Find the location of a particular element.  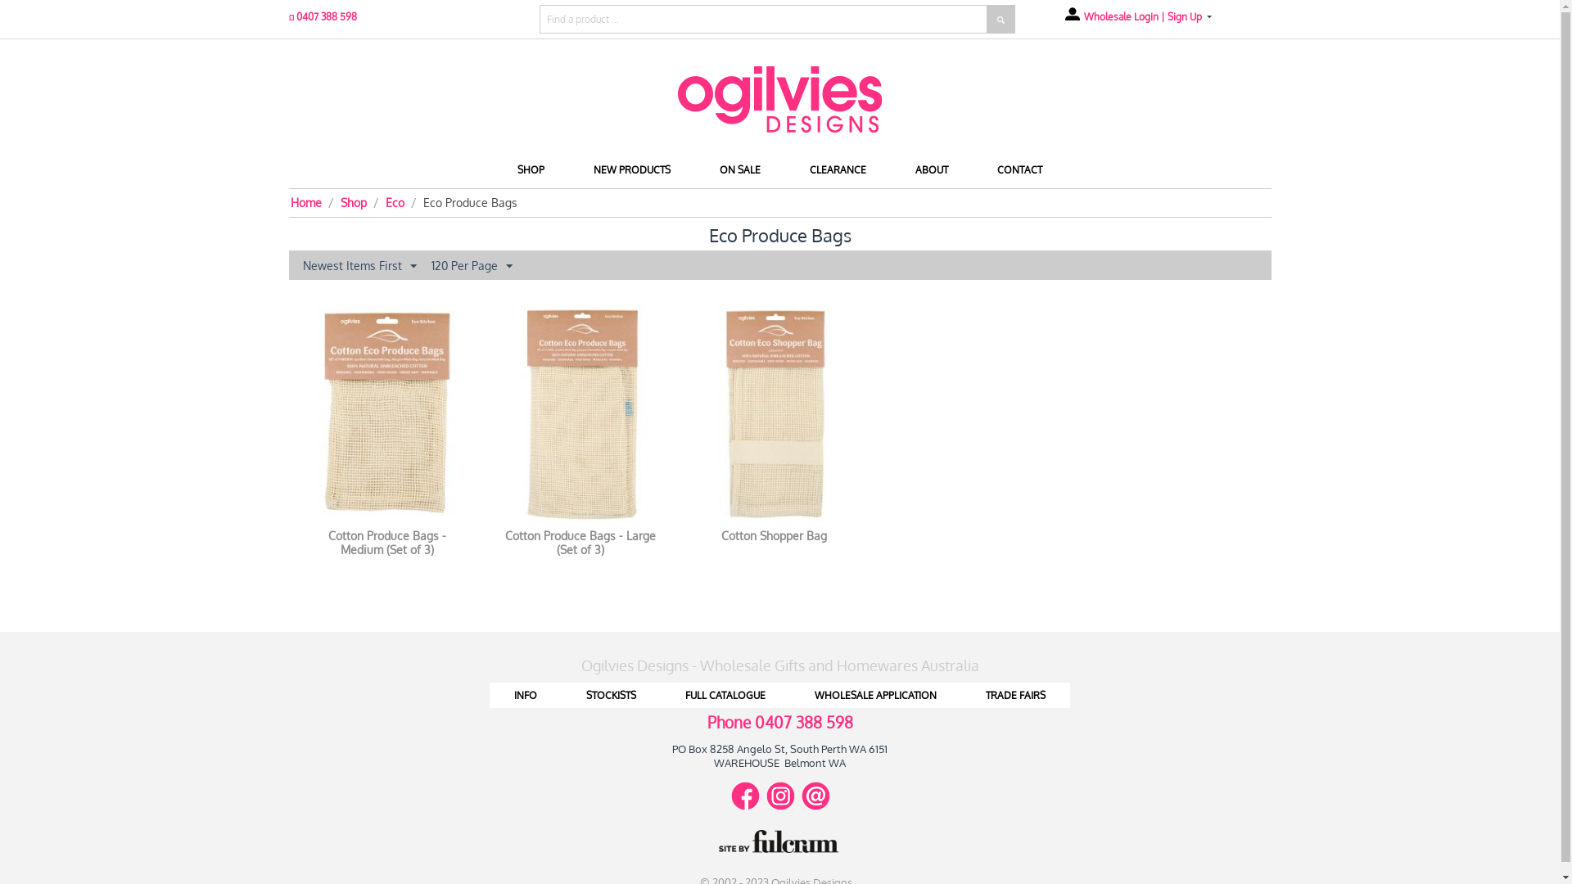

'ABOUT' is located at coordinates (931, 169).